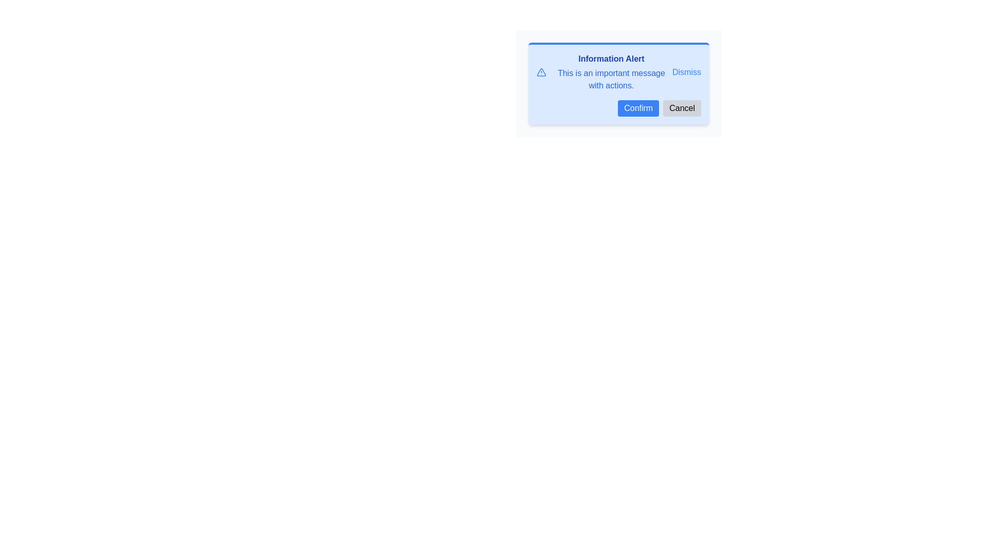  Describe the element at coordinates (611, 72) in the screenshot. I see `informational alert text located in the dialog box, which includes a title and a message, positioned centrally above the 'Confirm' and 'Cancel' buttons` at that location.